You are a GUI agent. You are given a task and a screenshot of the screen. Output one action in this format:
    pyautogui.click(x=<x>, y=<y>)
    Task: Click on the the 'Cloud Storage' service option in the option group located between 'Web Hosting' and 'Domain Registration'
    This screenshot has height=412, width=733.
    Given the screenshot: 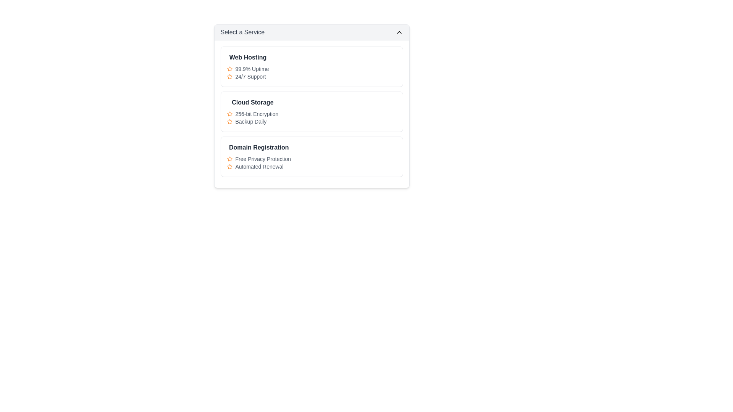 What is the action you would take?
    pyautogui.click(x=312, y=106)
    